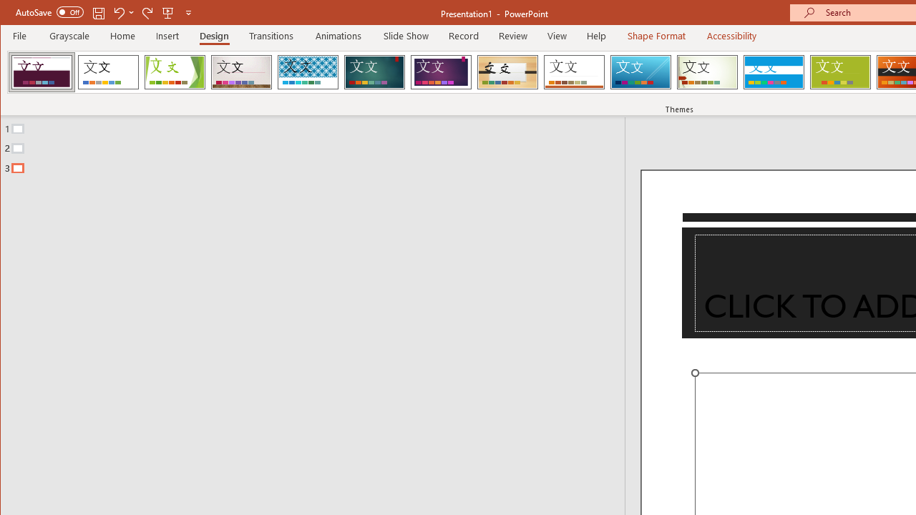  Describe the element at coordinates (174, 72) in the screenshot. I see `'Facet'` at that location.